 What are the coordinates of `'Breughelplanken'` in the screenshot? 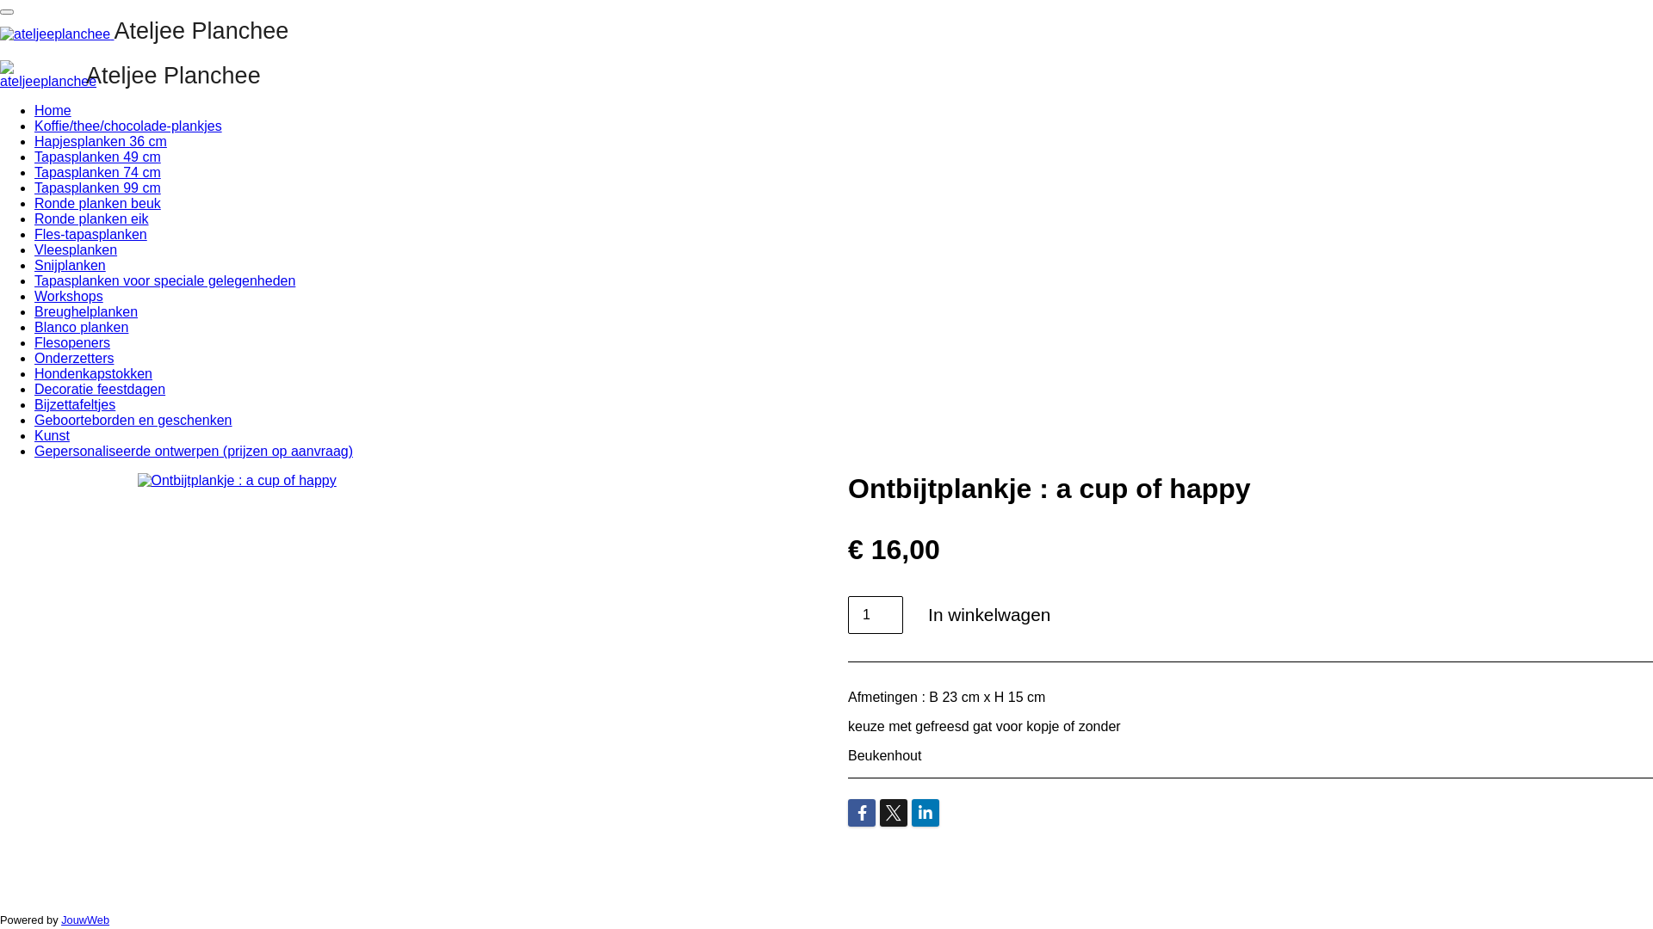 It's located at (85, 311).